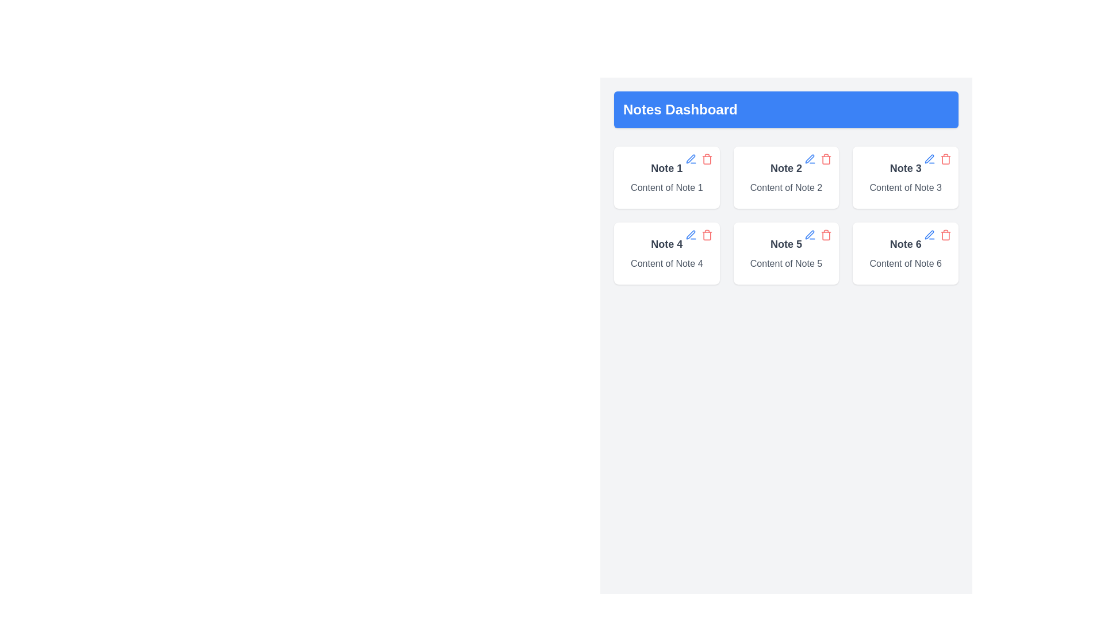  I want to click on the trashcan body icon located to the right of the note information for 'Note 1' in the top-left grid cell of the Notes Dashboard, so click(706, 160).